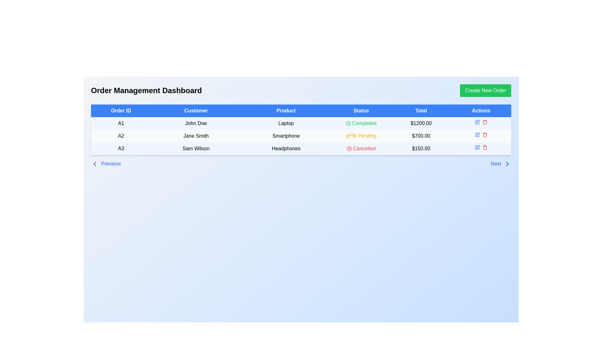 This screenshot has width=607, height=341. I want to click on the completion icon located to the left of the 'Completed' status label in the 'Status' column of the first row in the table, so click(348, 123).